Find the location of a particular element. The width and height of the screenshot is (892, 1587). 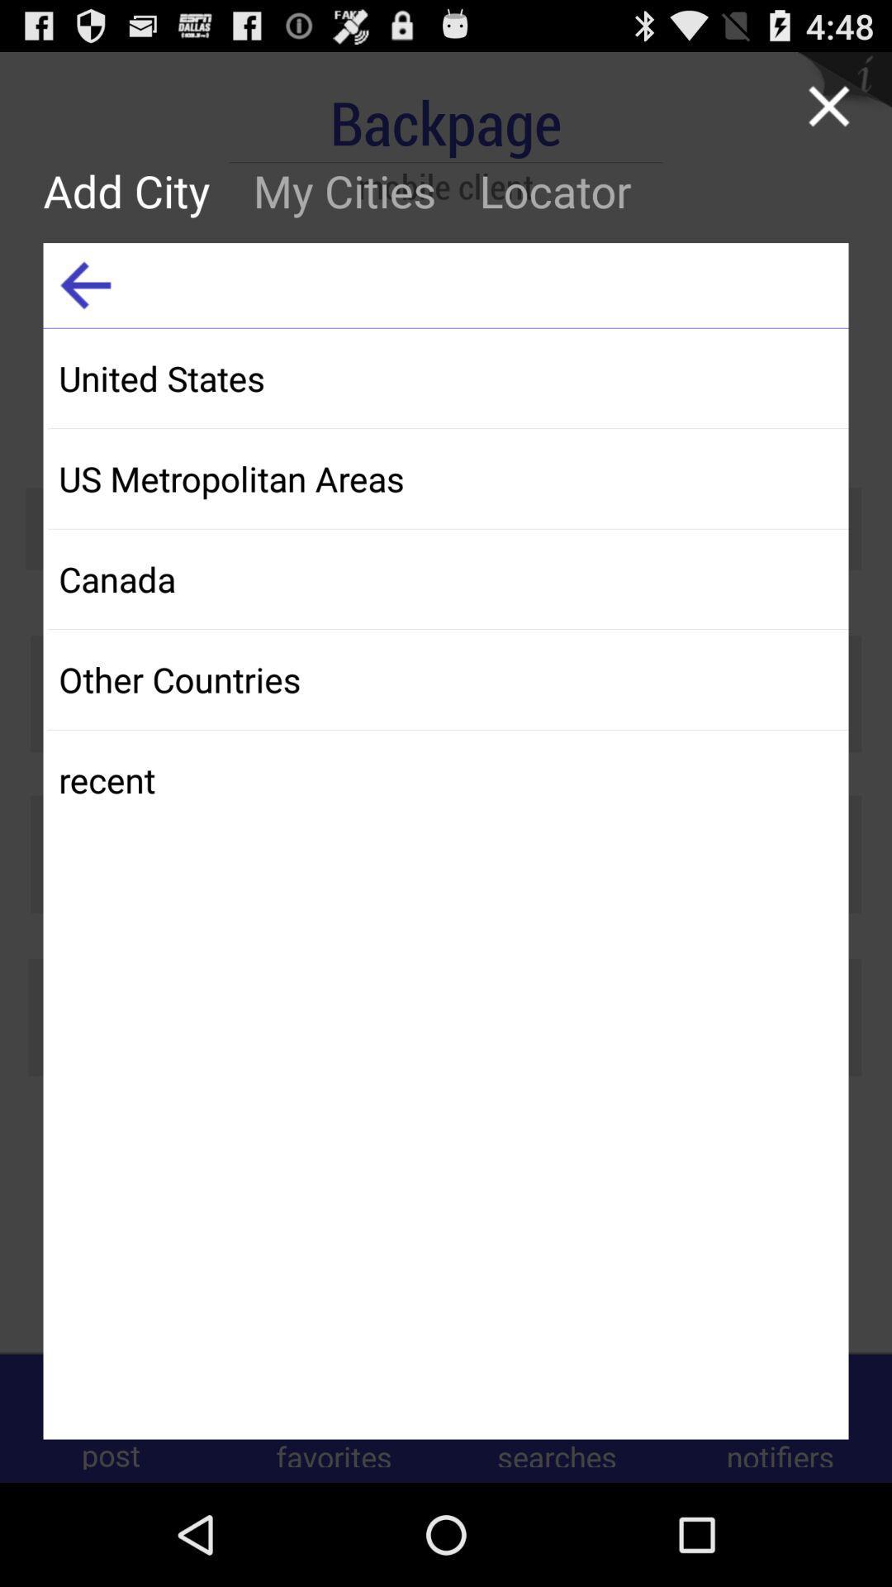

the page is located at coordinates (828, 105).